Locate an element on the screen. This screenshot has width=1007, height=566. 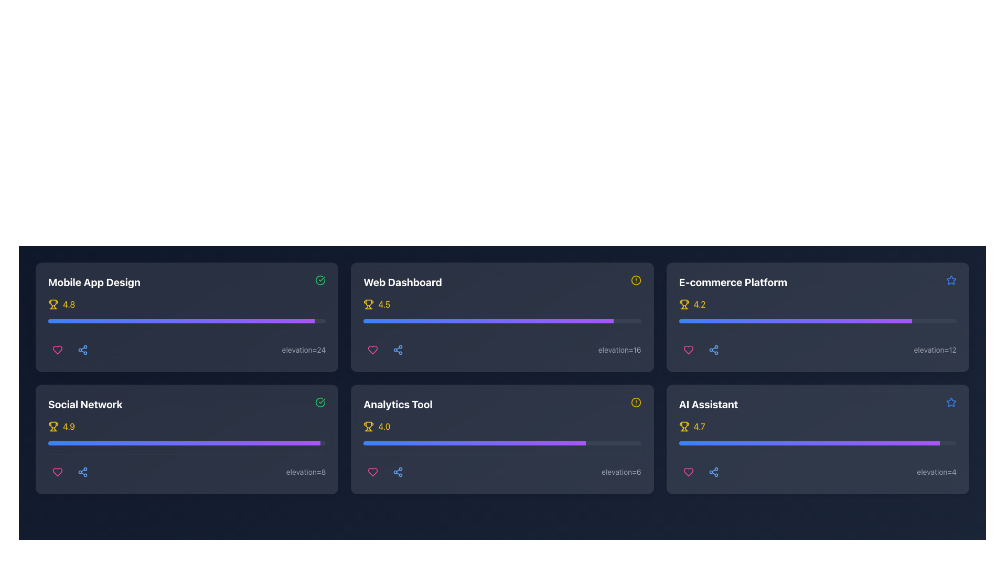
the 'Social Network' text label which is displayed in bold, white font on a dark card interface is located at coordinates (85, 404).